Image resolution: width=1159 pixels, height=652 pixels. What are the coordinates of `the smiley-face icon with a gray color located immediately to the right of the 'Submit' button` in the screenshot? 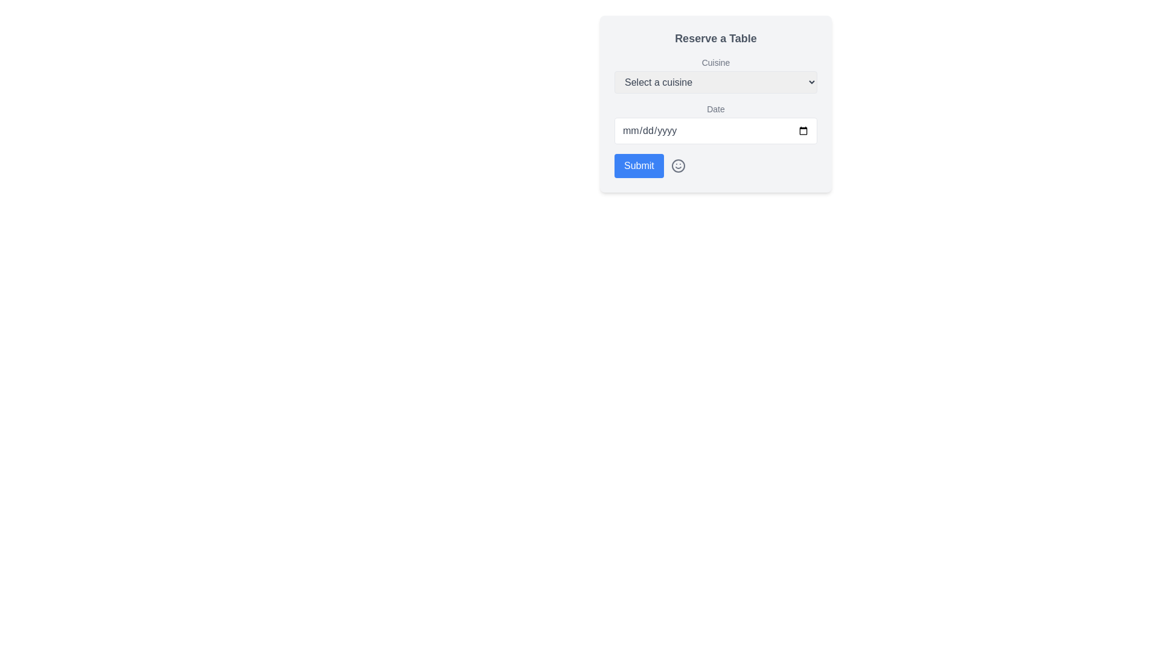 It's located at (678, 165).